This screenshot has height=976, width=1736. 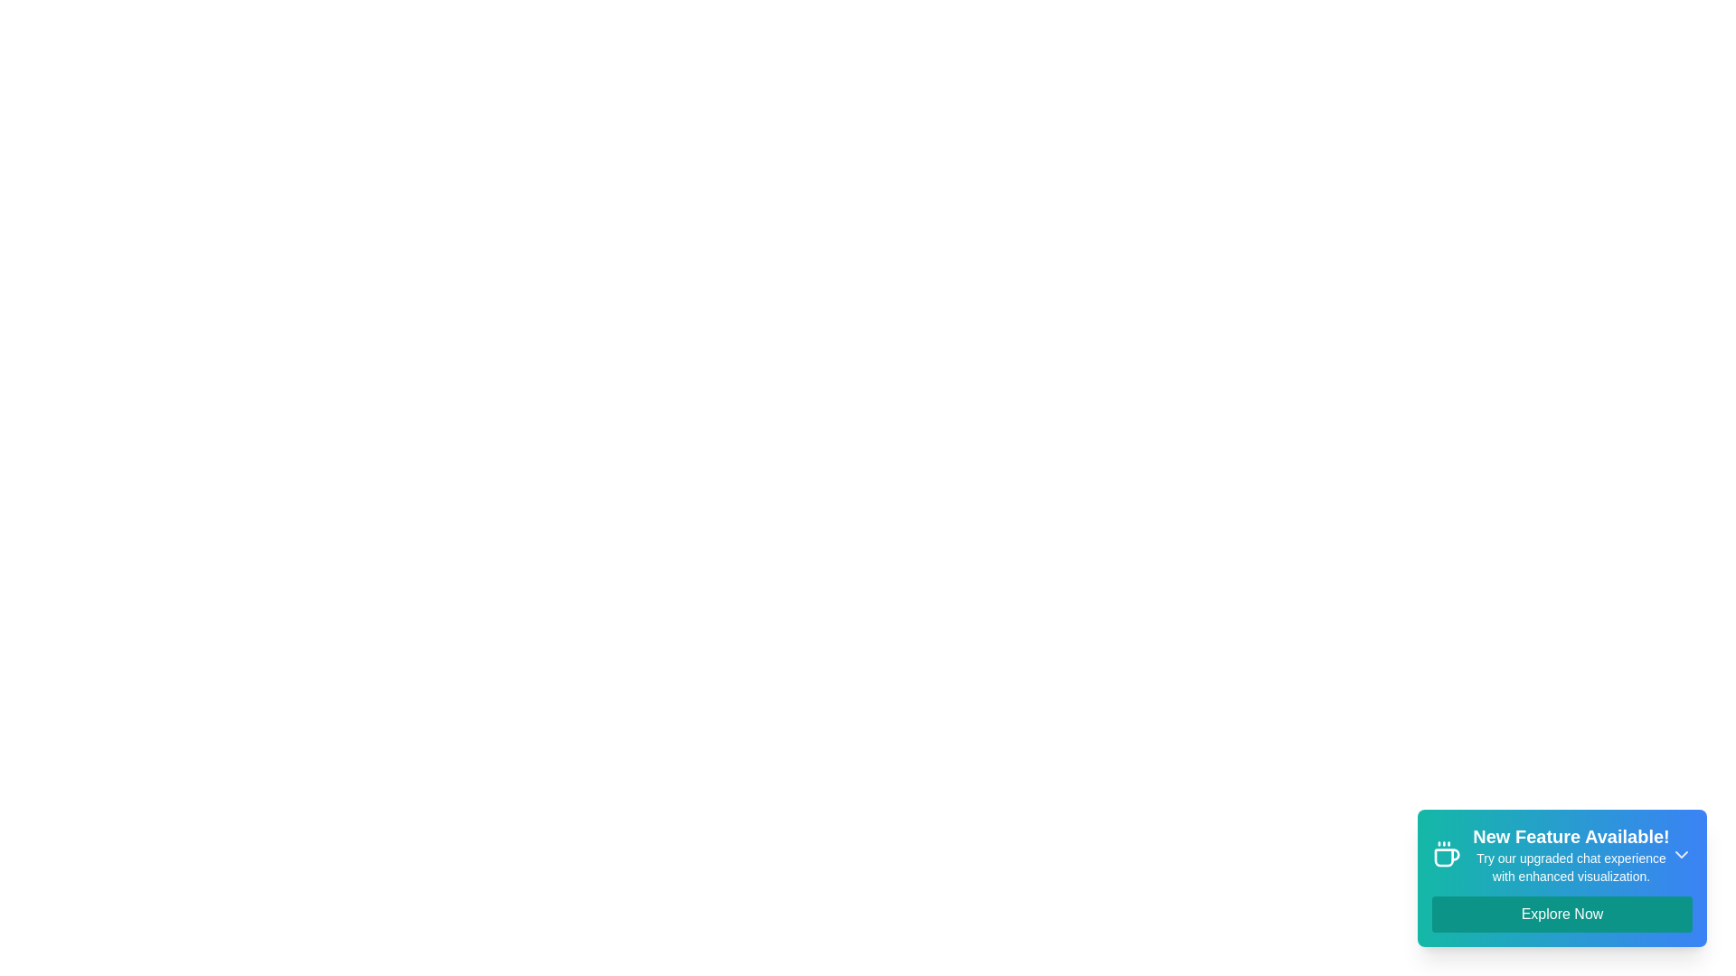 What do you see at coordinates (1561, 914) in the screenshot?
I see `'Explore Now' button` at bounding box center [1561, 914].